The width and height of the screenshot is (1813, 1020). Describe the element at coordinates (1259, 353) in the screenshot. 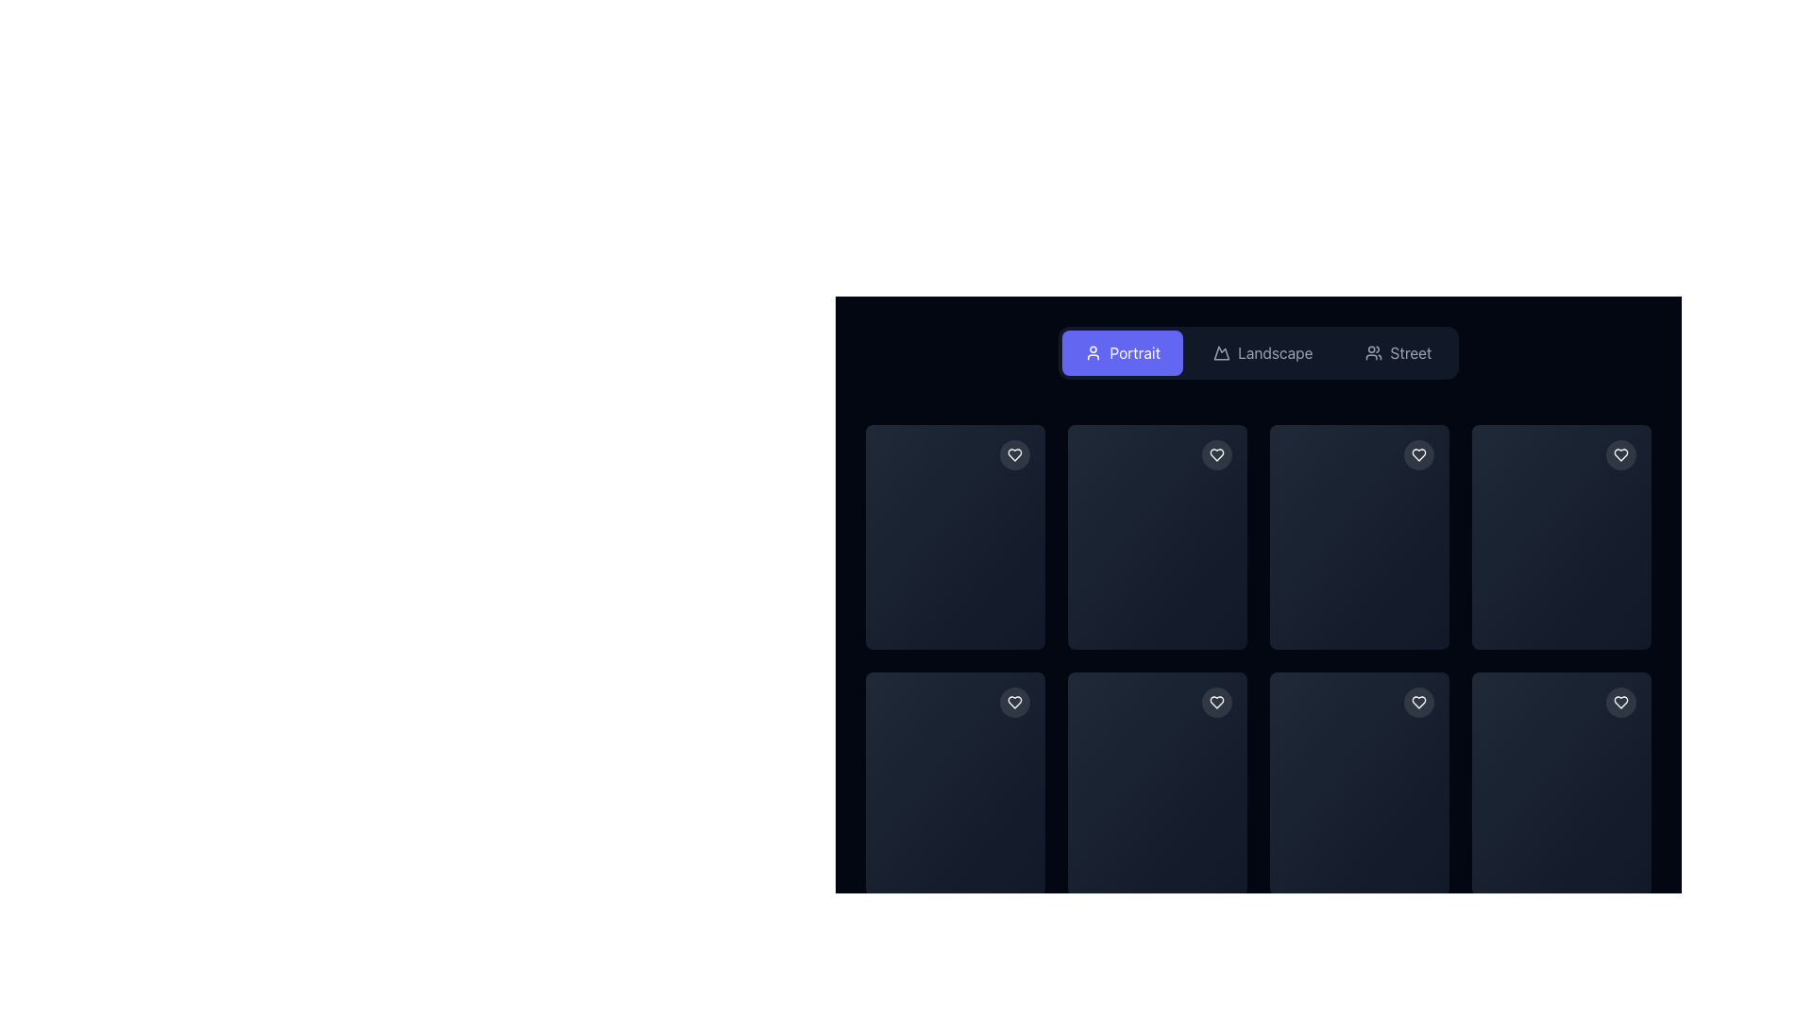

I see `the 'Portrait' button in the segmented control component` at that location.